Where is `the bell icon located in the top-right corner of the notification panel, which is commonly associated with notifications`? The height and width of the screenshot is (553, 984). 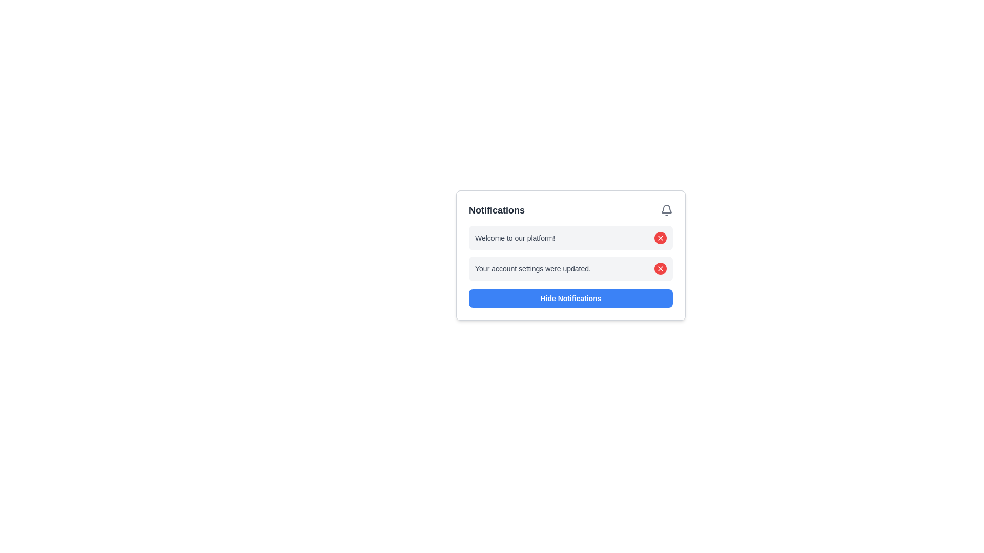
the bell icon located in the top-right corner of the notification panel, which is commonly associated with notifications is located at coordinates (666, 208).